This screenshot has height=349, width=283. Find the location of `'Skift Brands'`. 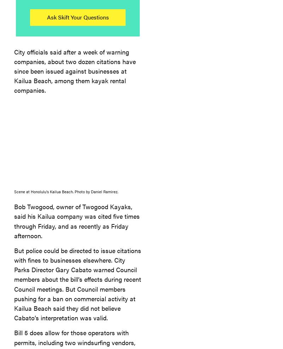

'Skift Brands' is located at coordinates (46, 107).